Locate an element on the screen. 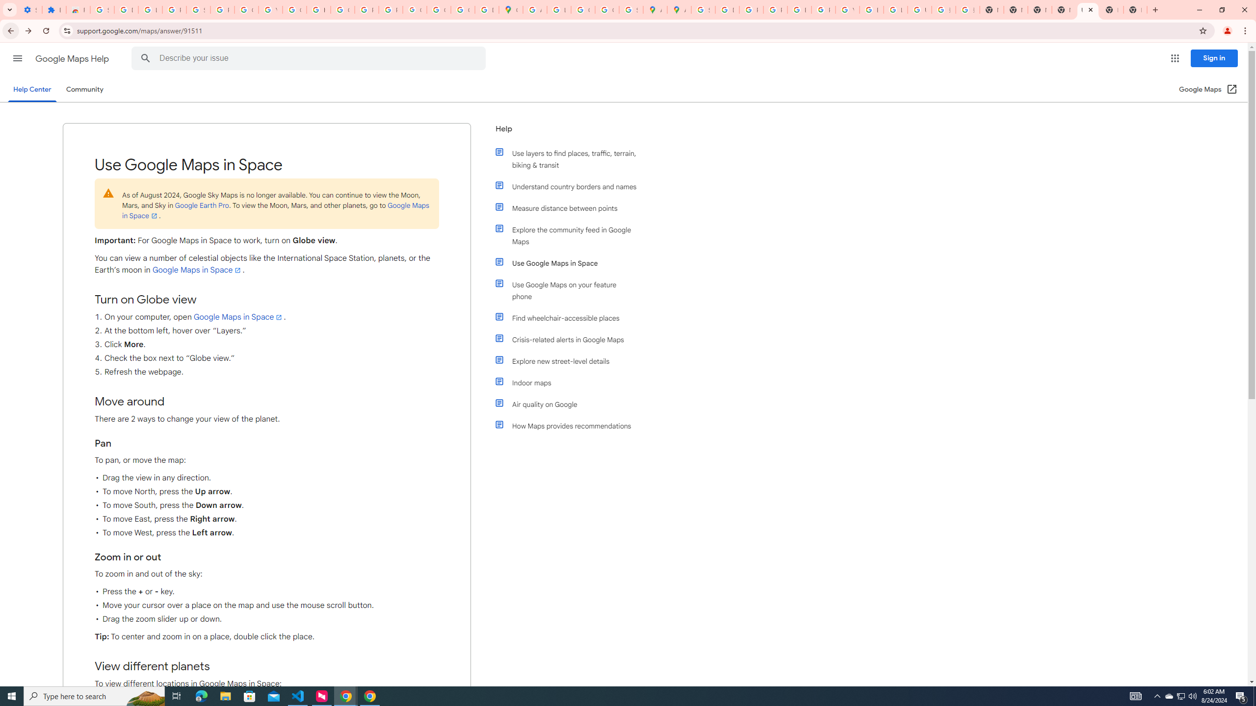 Image resolution: width=1256 pixels, height=706 pixels. 'Google Maps Help' is located at coordinates (73, 58).